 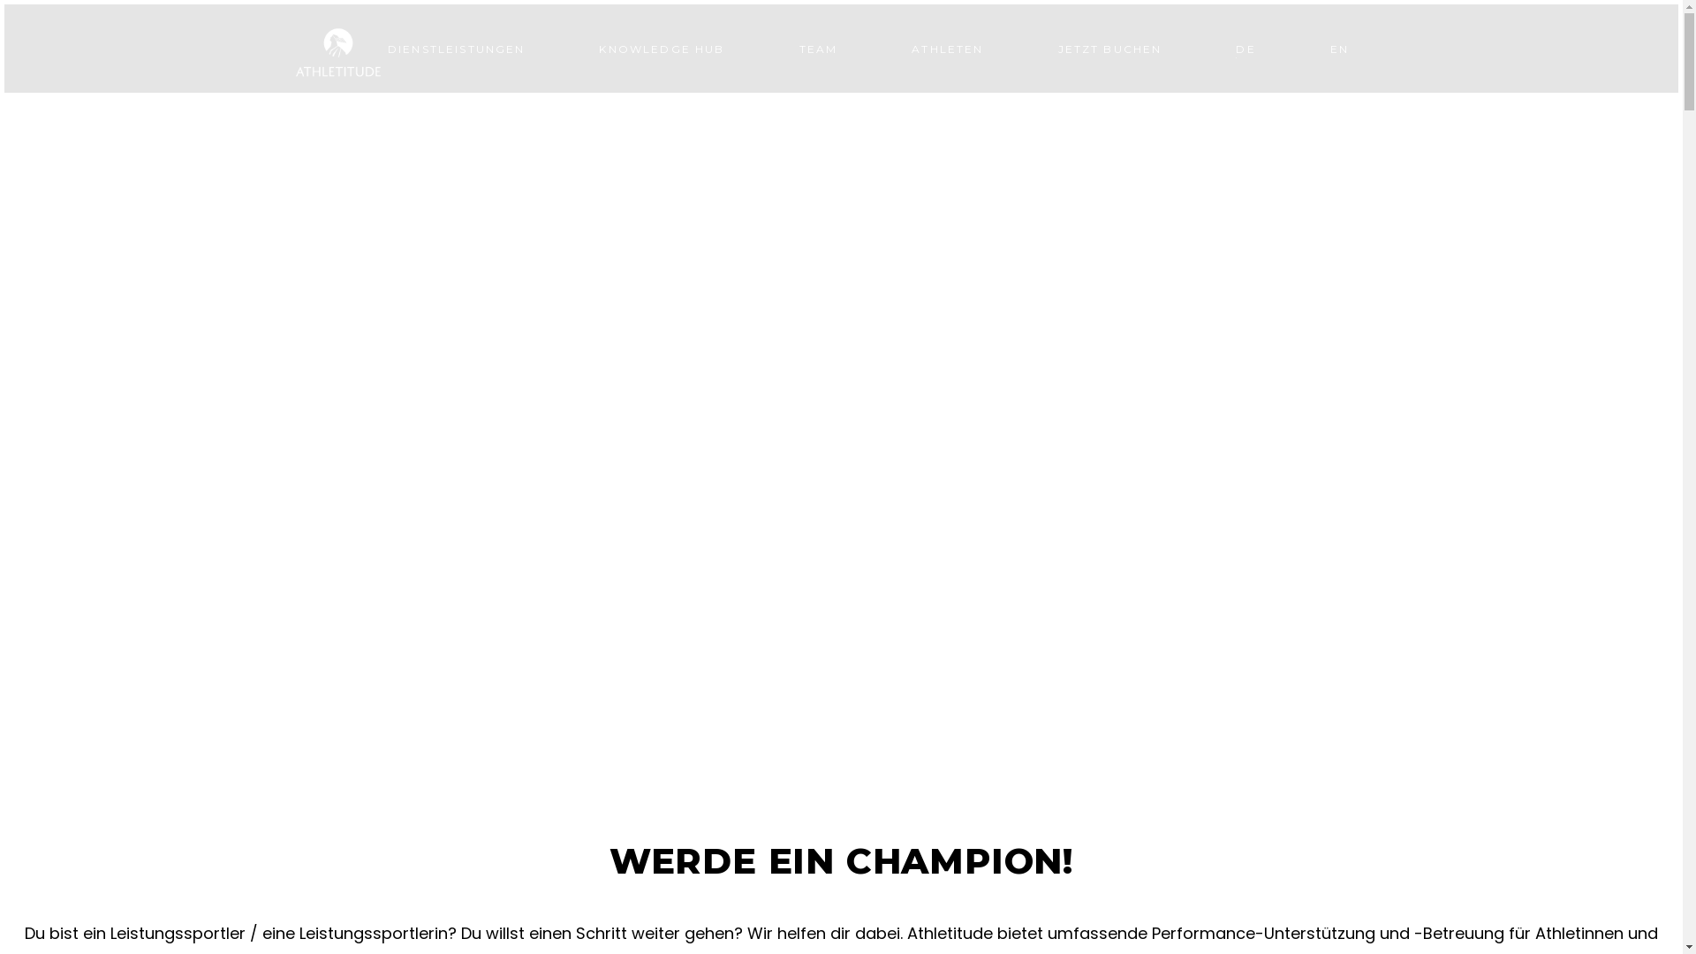 What do you see at coordinates (1109, 48) in the screenshot?
I see `'JETZT BUCHEN'` at bounding box center [1109, 48].